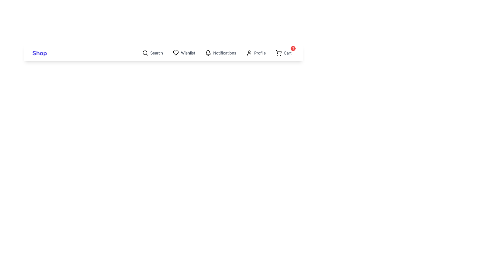 This screenshot has width=481, height=270. Describe the element at coordinates (288, 53) in the screenshot. I see `the 'Cart' text label located on the right side of the toolbar` at that location.